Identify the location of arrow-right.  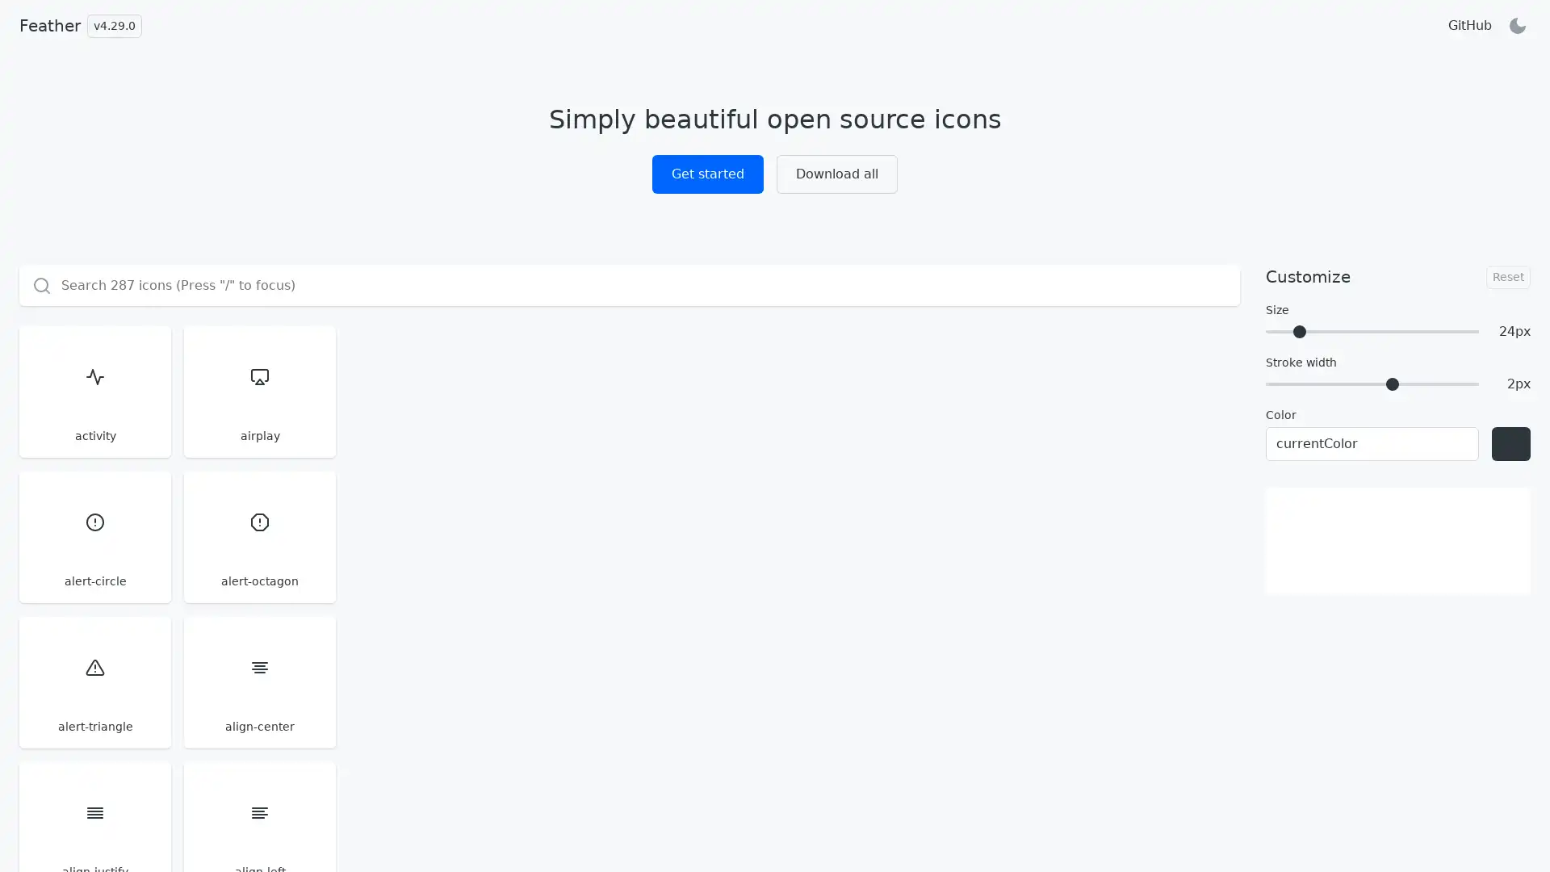
(216, 681).